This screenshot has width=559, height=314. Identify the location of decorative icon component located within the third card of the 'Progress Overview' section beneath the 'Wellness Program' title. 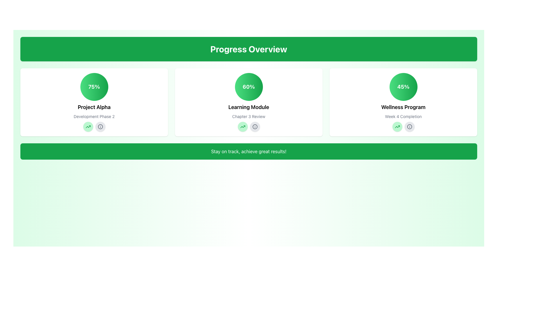
(409, 126).